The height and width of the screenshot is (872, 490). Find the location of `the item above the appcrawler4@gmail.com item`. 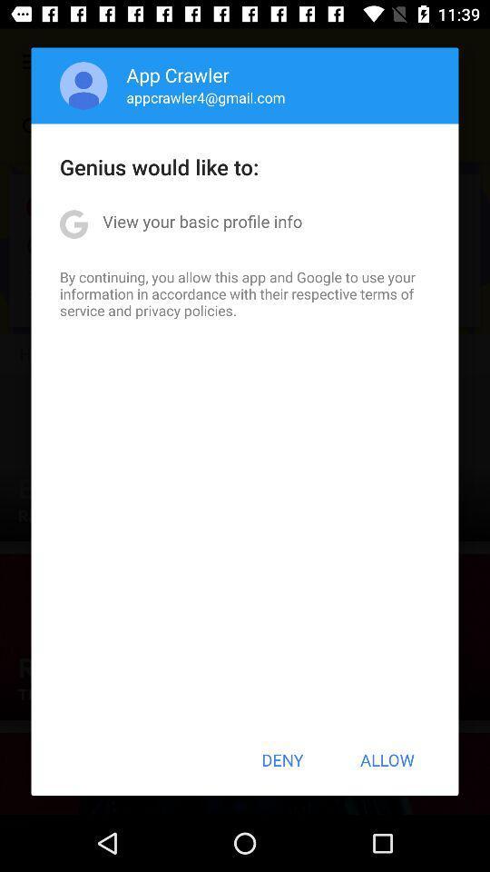

the item above the appcrawler4@gmail.com item is located at coordinates (178, 74).